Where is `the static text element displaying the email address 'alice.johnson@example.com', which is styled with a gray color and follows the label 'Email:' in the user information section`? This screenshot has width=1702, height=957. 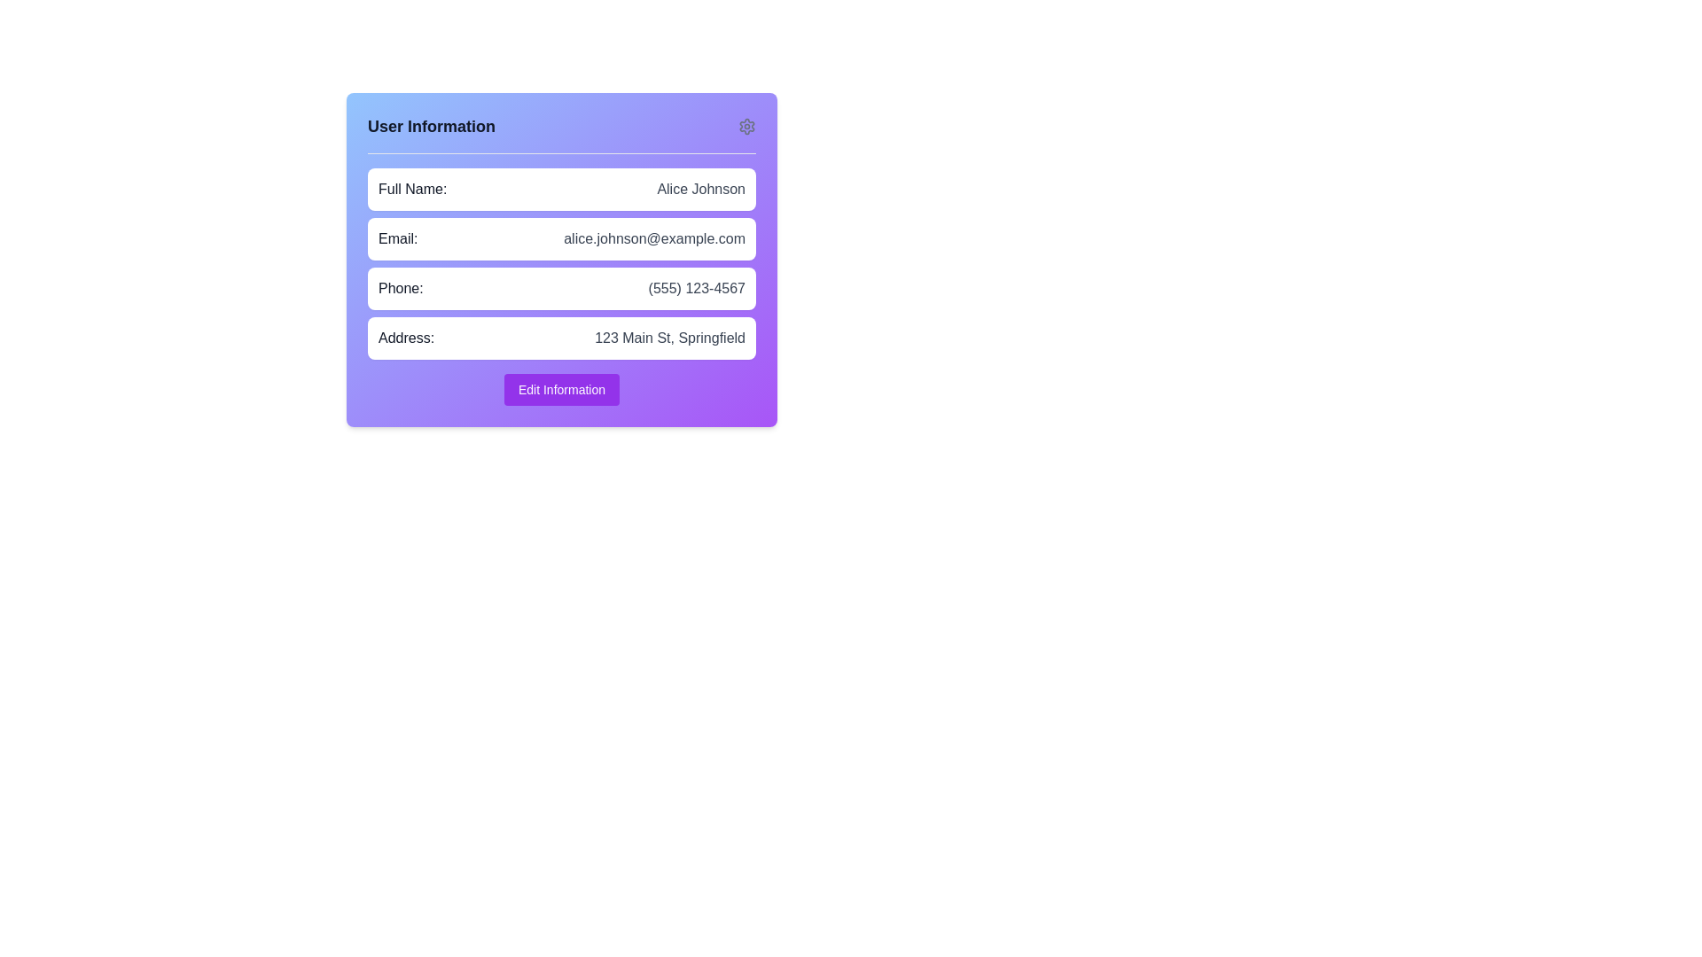 the static text element displaying the email address 'alice.johnson@example.com', which is styled with a gray color and follows the label 'Email:' in the user information section is located at coordinates (653, 239).